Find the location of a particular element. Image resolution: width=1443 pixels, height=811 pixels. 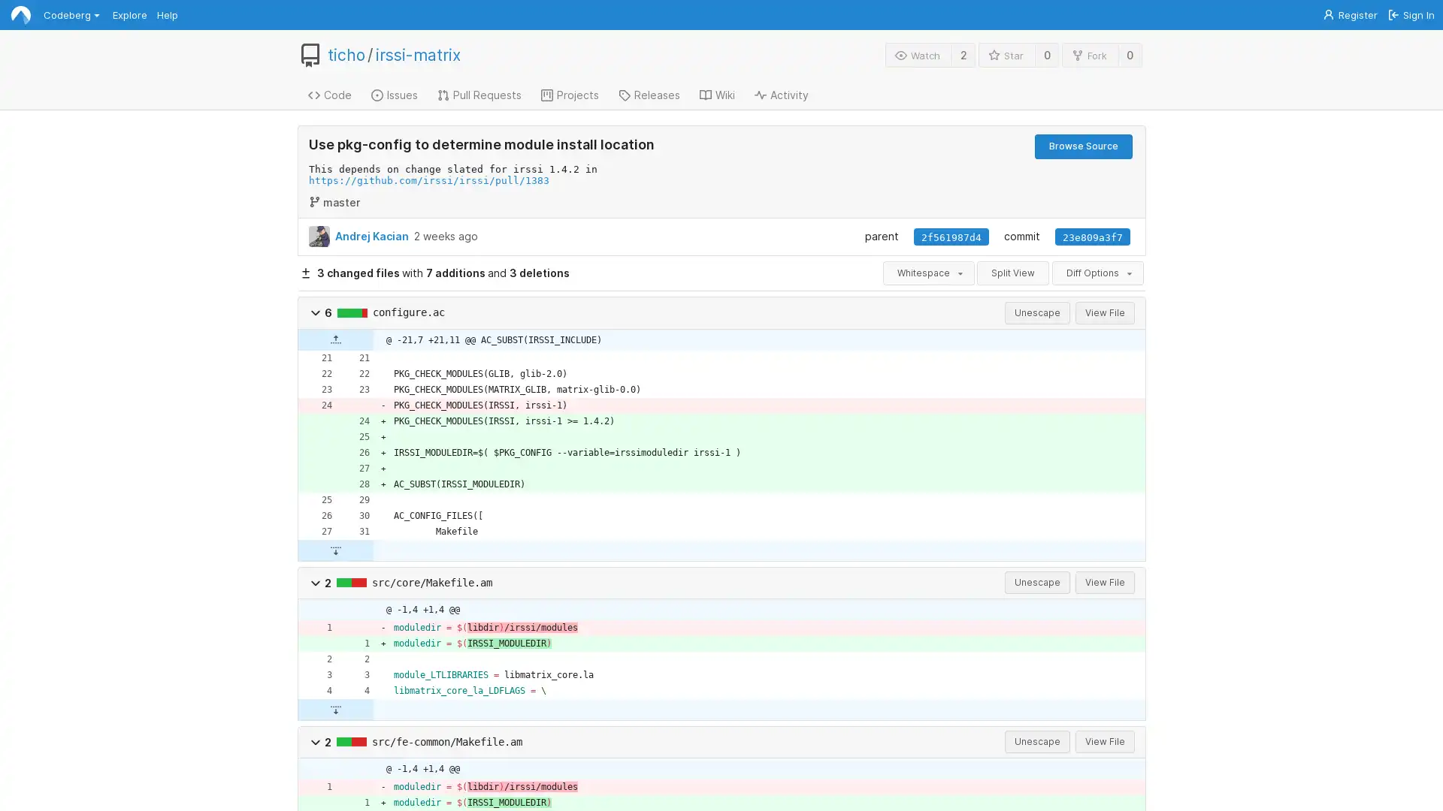

Watch is located at coordinates (918, 54).